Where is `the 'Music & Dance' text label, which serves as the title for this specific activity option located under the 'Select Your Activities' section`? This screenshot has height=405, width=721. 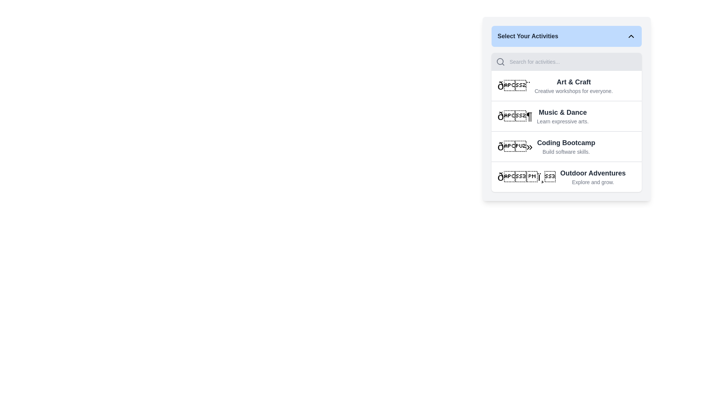
the 'Music & Dance' text label, which serves as the title for this specific activity option located under the 'Select Your Activities' section is located at coordinates (563, 112).